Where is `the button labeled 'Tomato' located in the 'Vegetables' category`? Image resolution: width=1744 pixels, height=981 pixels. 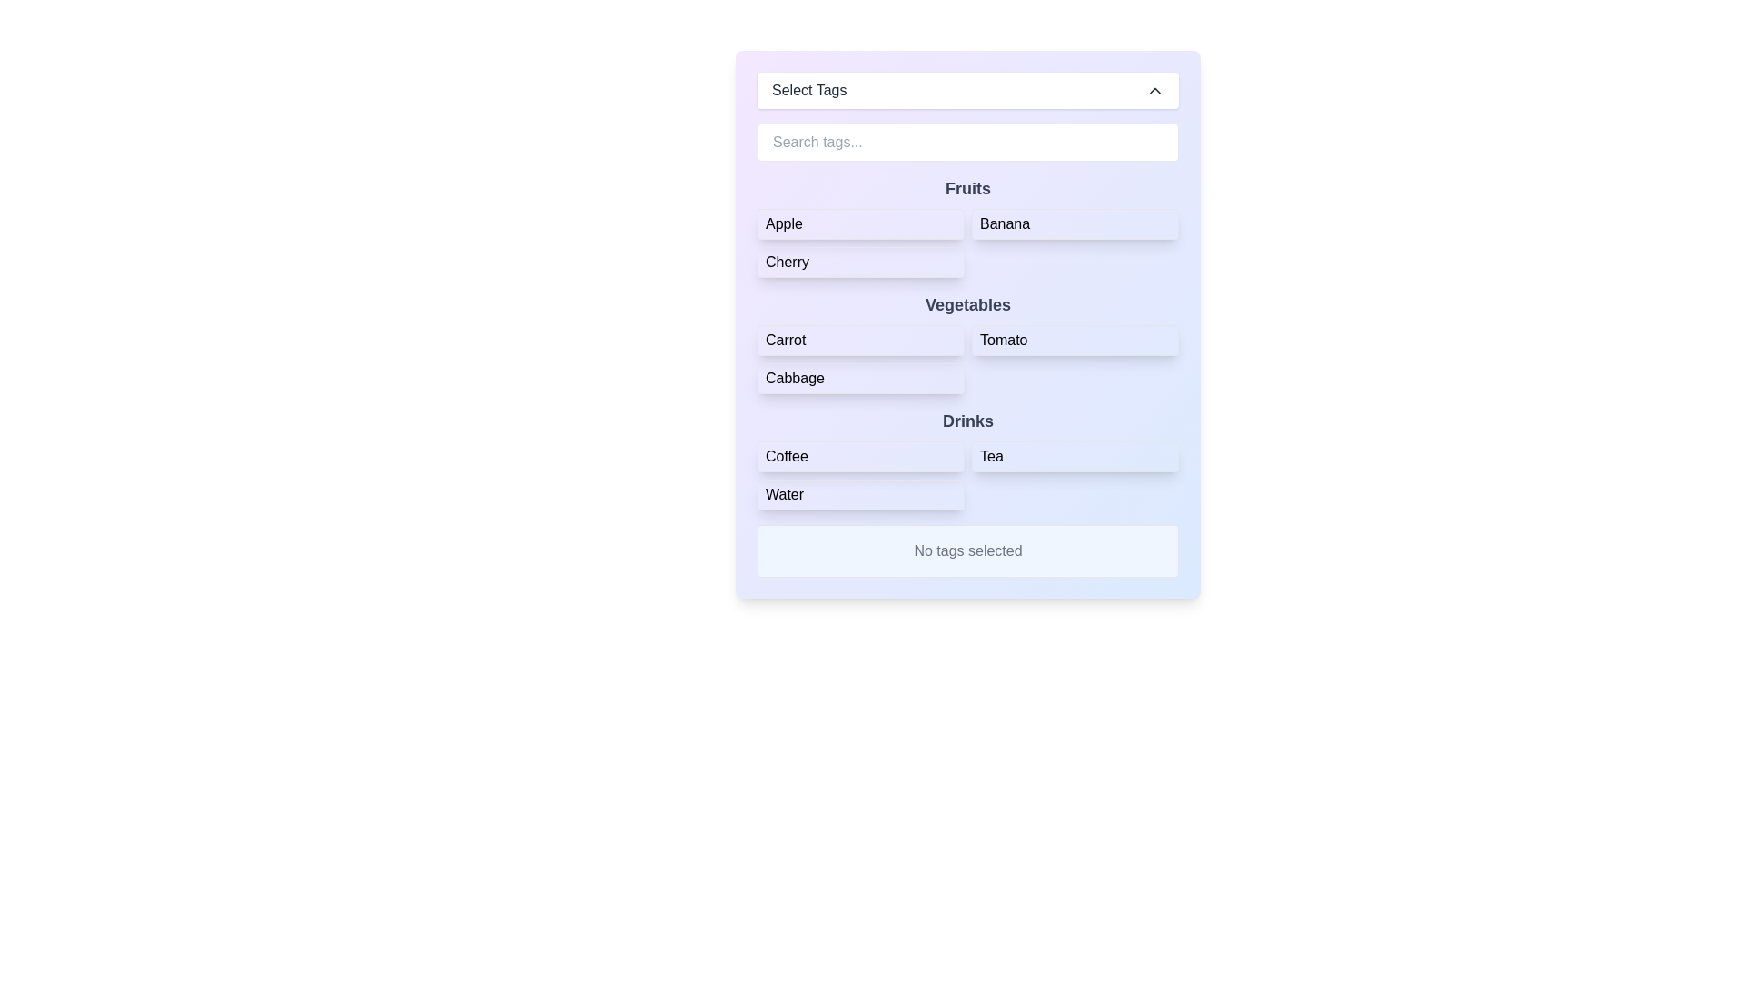 the button labeled 'Tomato' located in the 'Vegetables' category is located at coordinates (1075, 340).